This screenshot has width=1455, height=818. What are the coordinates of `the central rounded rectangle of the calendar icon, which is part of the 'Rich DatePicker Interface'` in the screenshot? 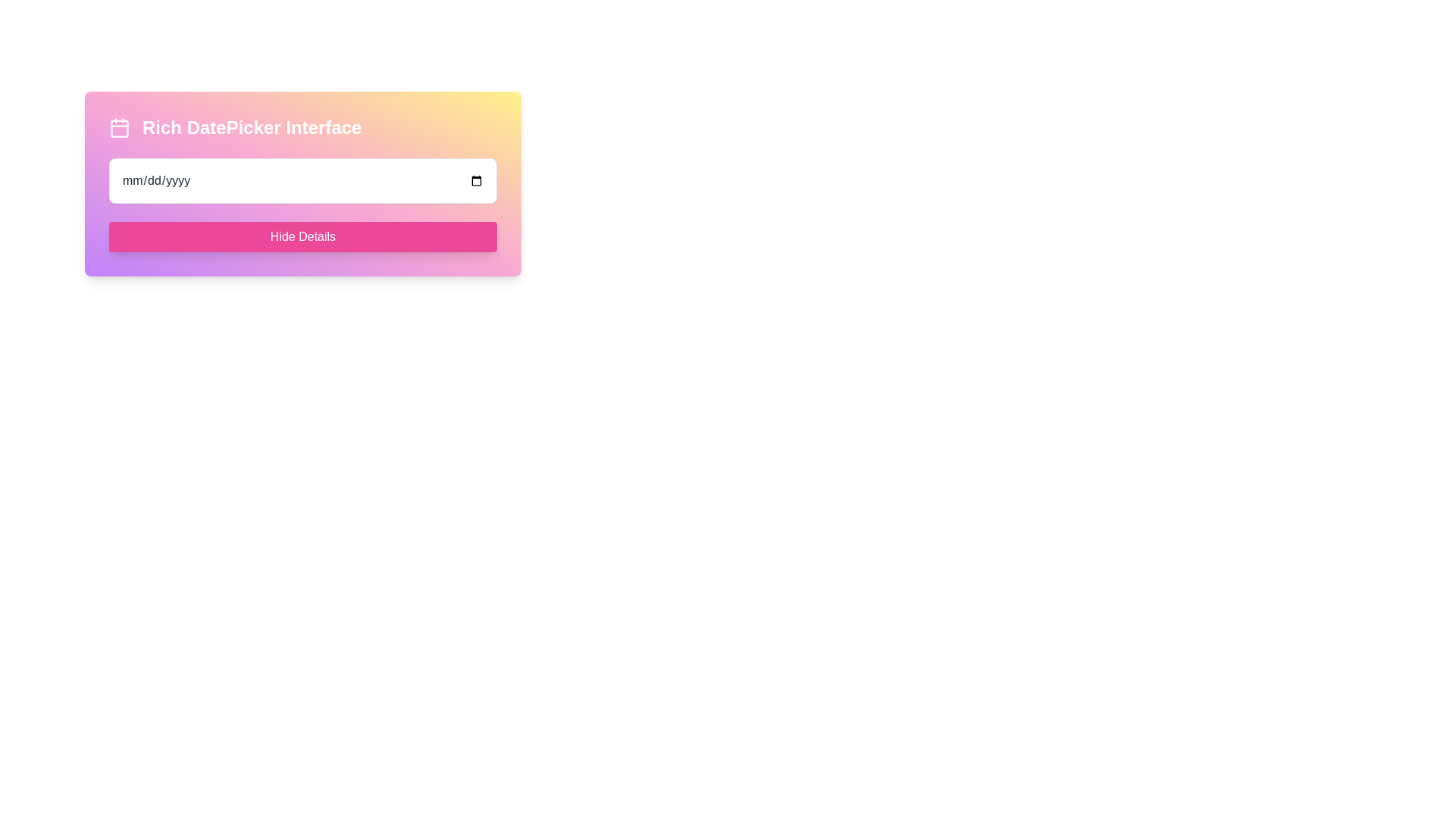 It's located at (119, 127).